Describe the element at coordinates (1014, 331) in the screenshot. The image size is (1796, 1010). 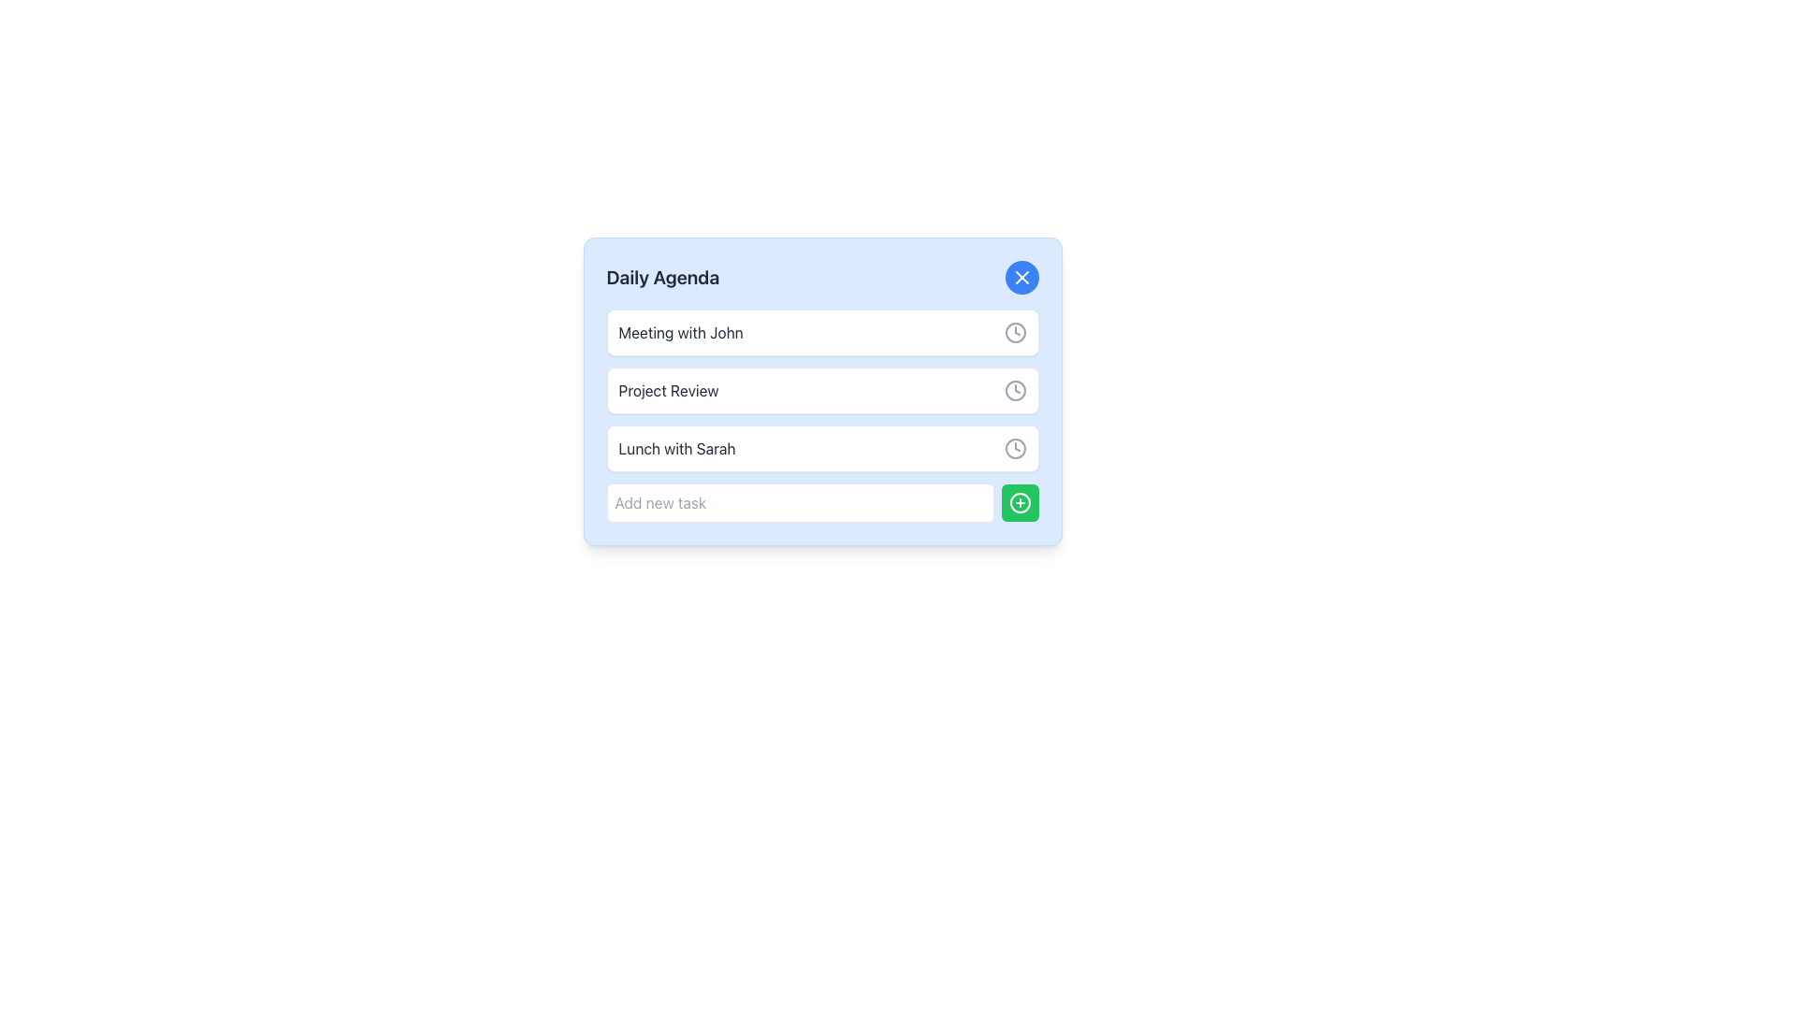
I see `the clock icon located adjacent to the text 'Meeting with John'` at that location.